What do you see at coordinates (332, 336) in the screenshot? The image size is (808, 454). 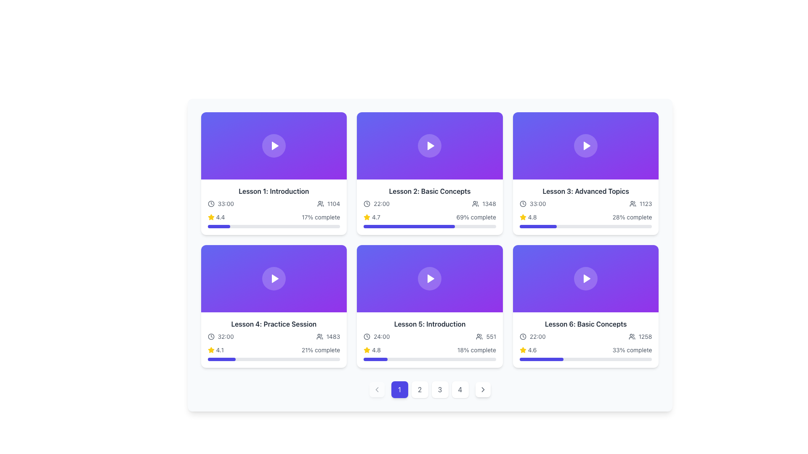 I see `numeric value '1483' displayed in bold, dark gray text, which is located at the bottom of the fourth card in the second row, positioned to the right of the user icon` at bounding box center [332, 336].